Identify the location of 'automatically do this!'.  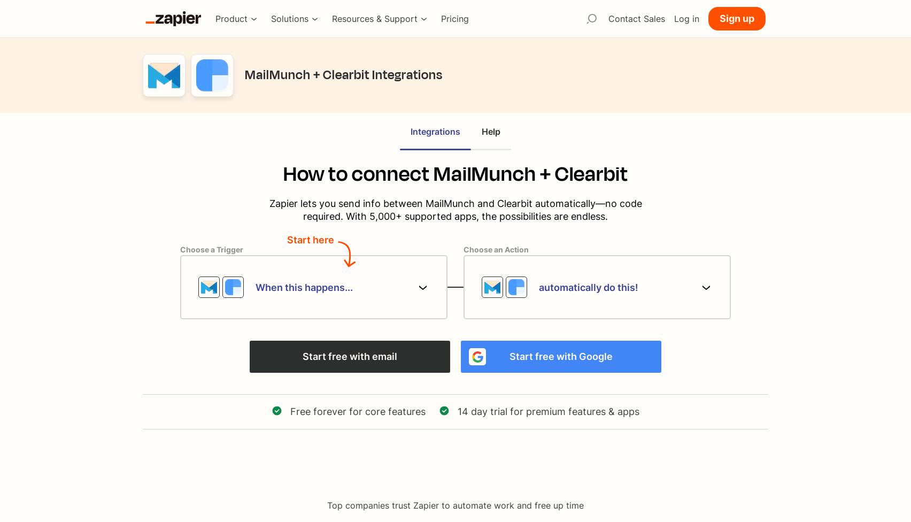
(538, 287).